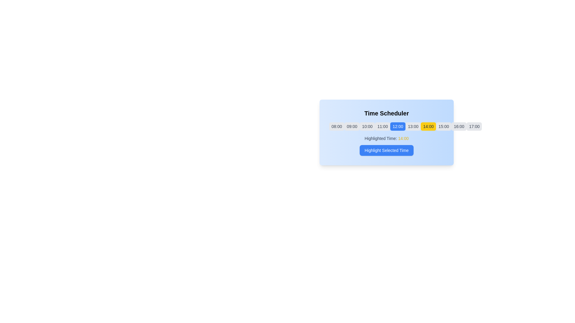 This screenshot has height=323, width=575. Describe the element at coordinates (387, 145) in the screenshot. I see `the 'Highlight Selected Time' button located under the heading 'Highlighted Time: 14:00' in the 'Time Scheduler' card` at that location.